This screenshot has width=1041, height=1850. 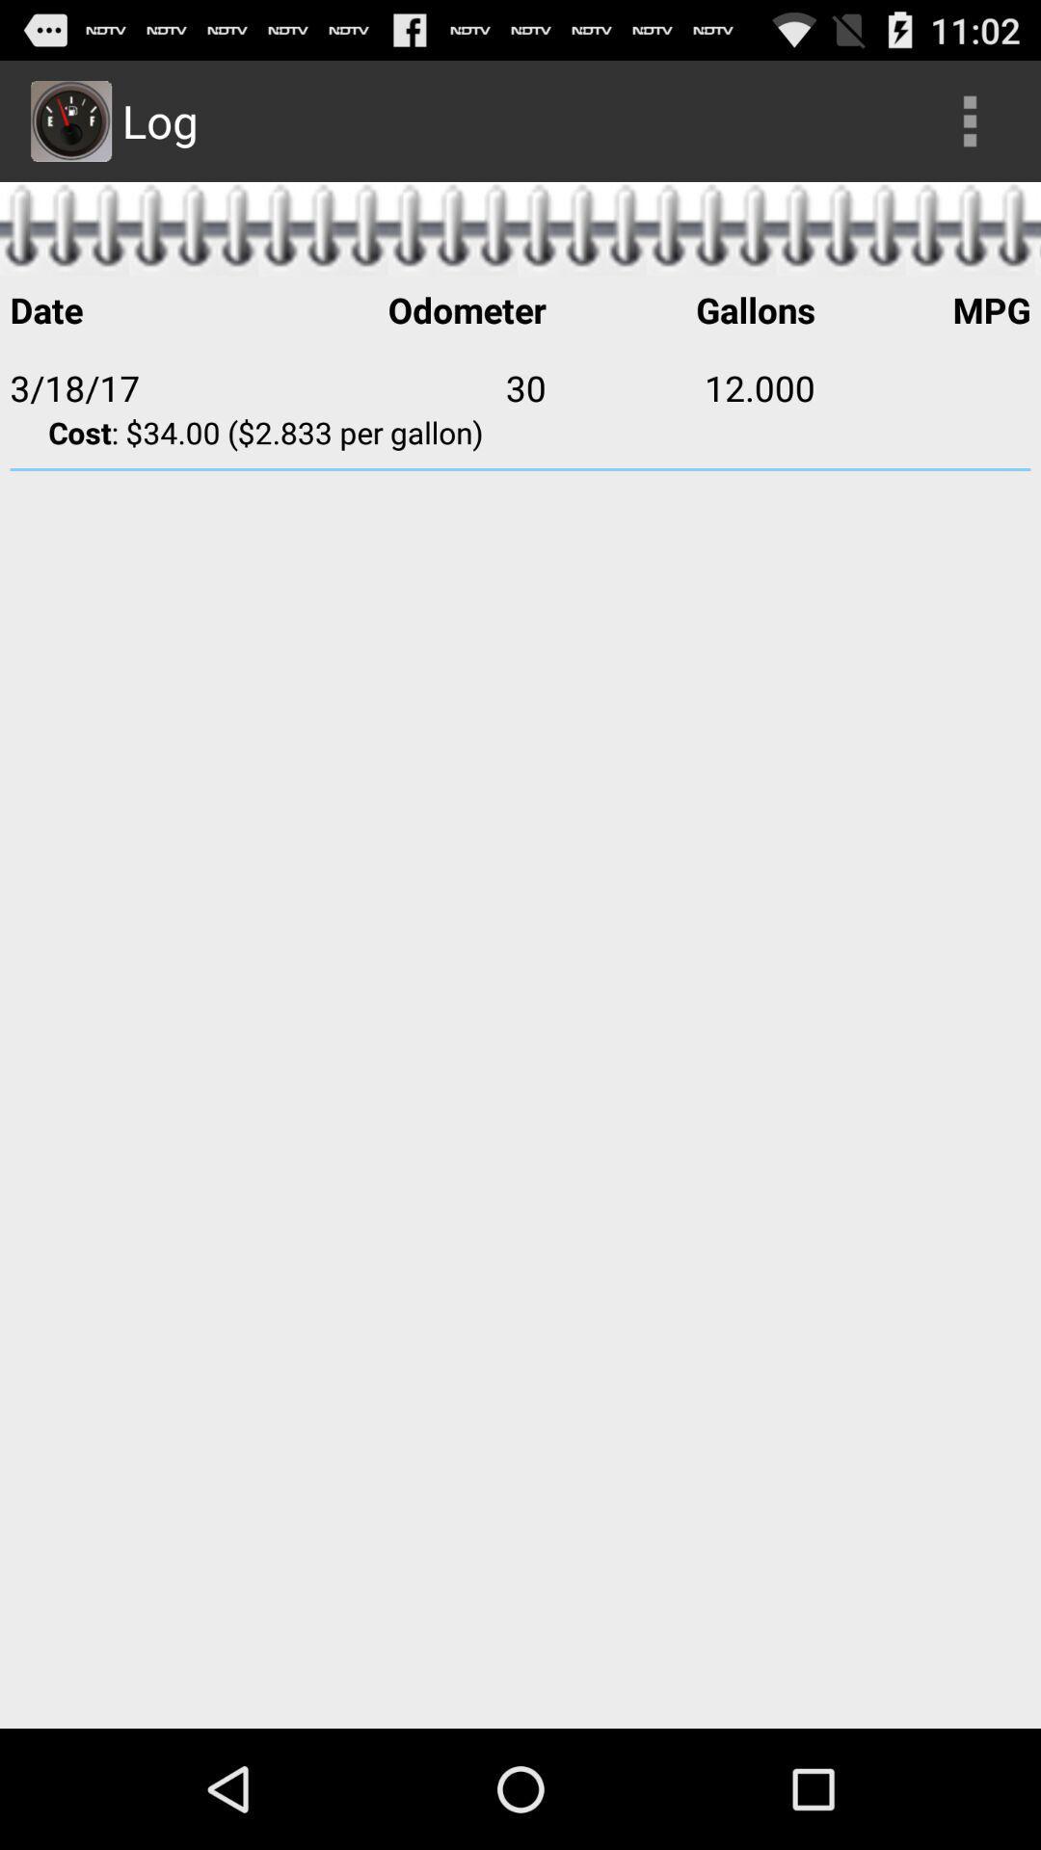 I want to click on the icon next to 12.000 app, so click(x=921, y=386).